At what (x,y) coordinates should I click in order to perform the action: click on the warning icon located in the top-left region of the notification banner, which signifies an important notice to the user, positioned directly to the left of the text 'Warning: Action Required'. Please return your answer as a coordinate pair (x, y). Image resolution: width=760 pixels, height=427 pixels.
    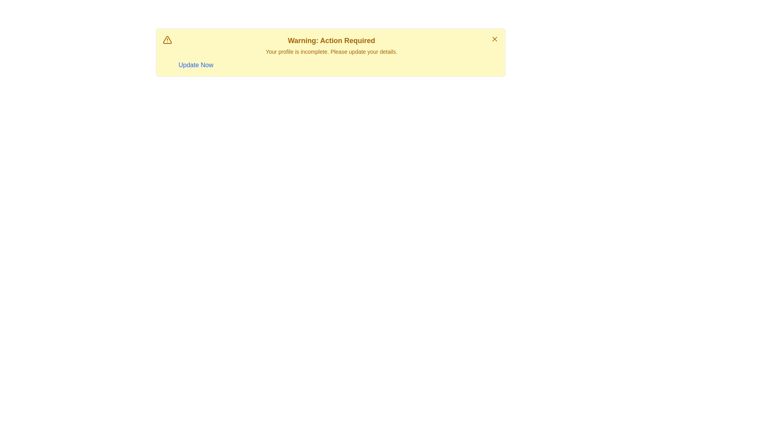
    Looking at the image, I should click on (167, 40).